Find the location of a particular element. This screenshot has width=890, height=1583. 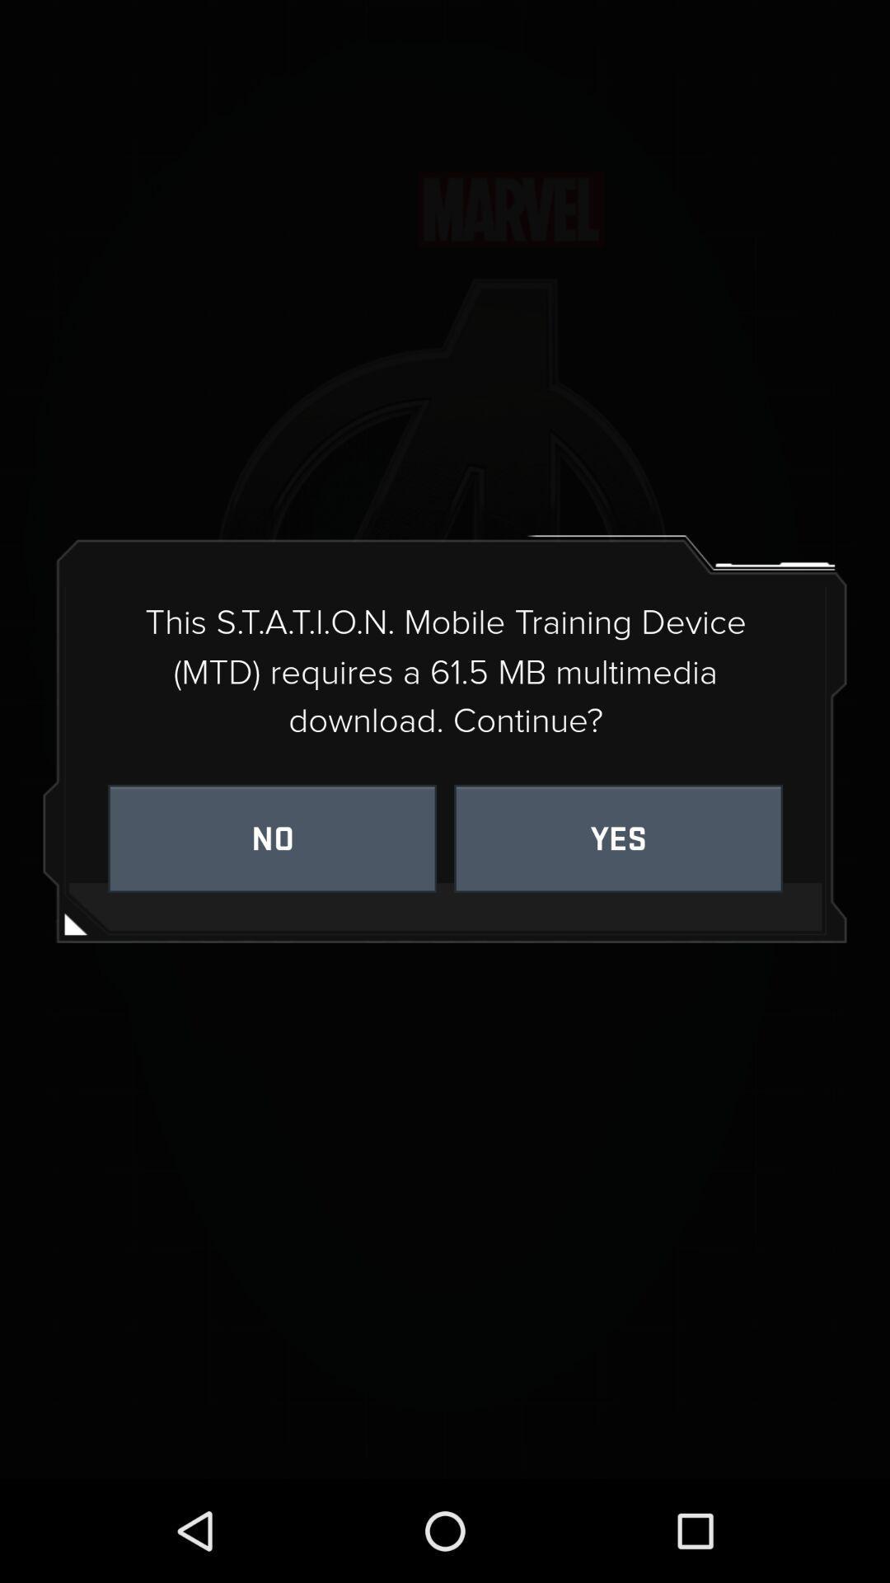

the yes is located at coordinates (618, 838).